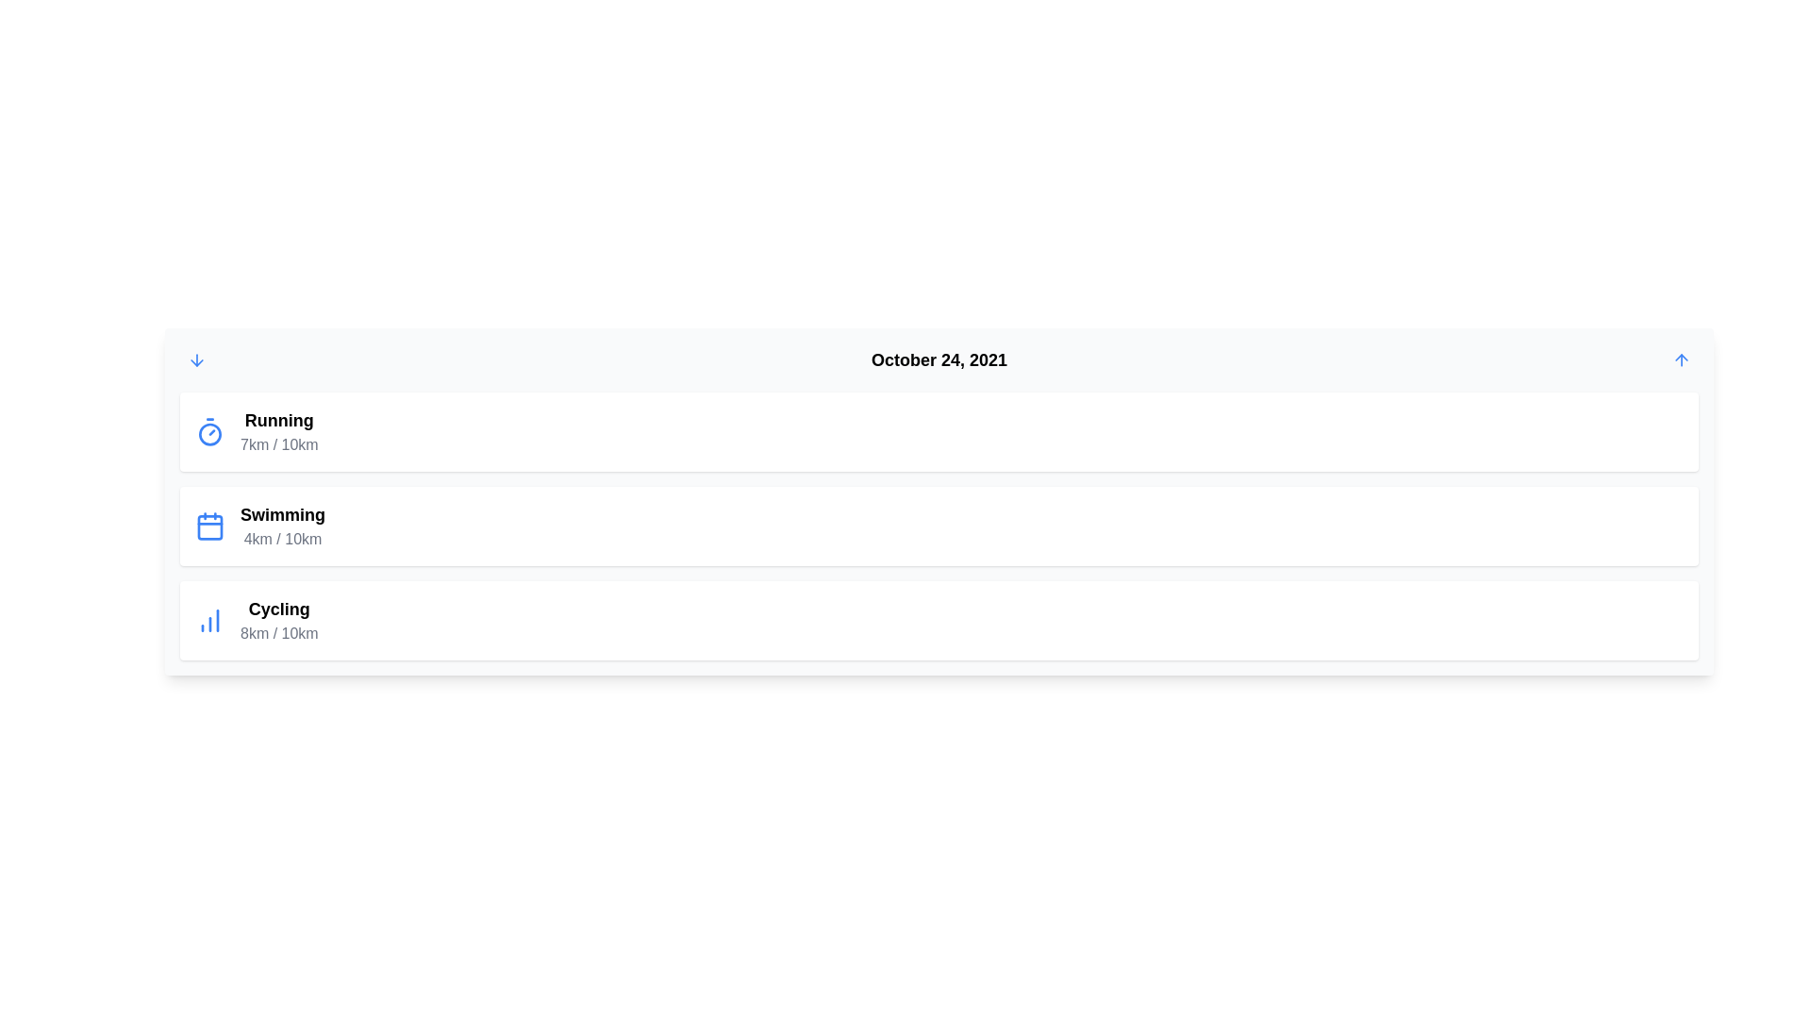 This screenshot has height=1019, width=1811. I want to click on the 'Running' activity icon located to the left of the text 'Running 7km / 10km' in the topmost section of the list, so click(209, 432).